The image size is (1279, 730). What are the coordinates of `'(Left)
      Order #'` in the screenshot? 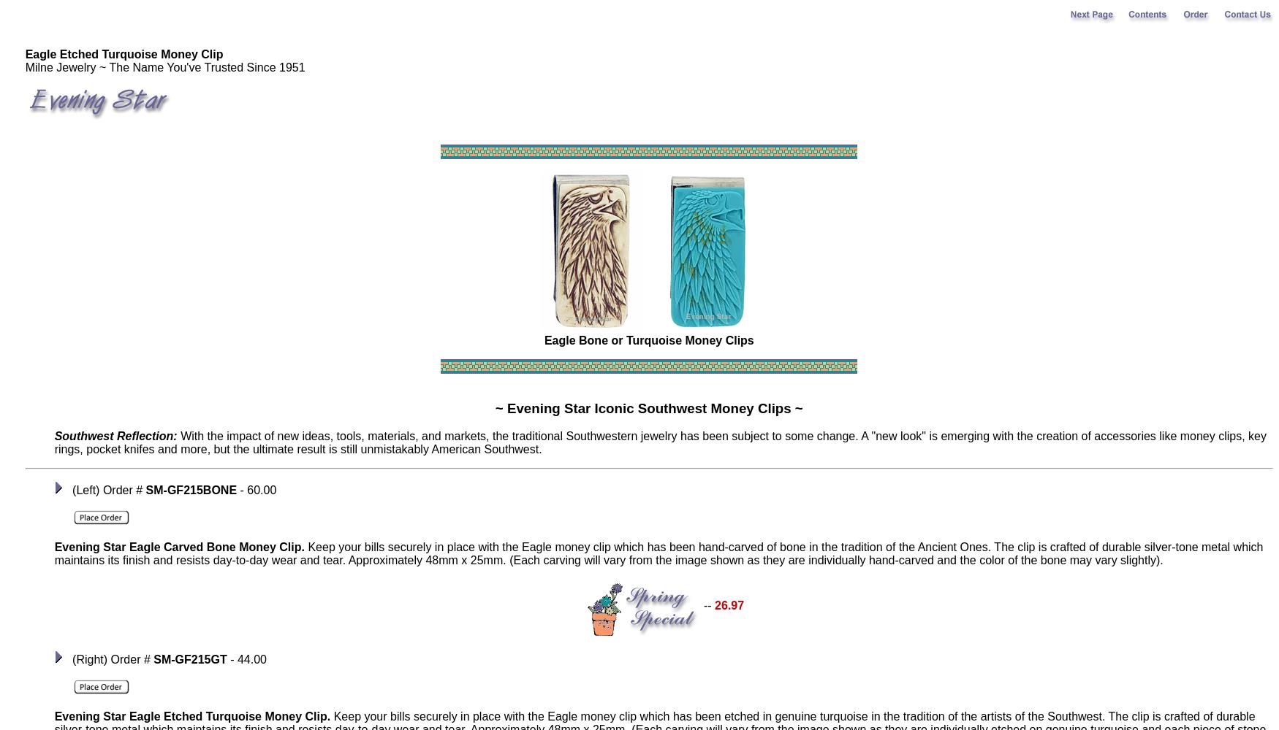 It's located at (106, 490).